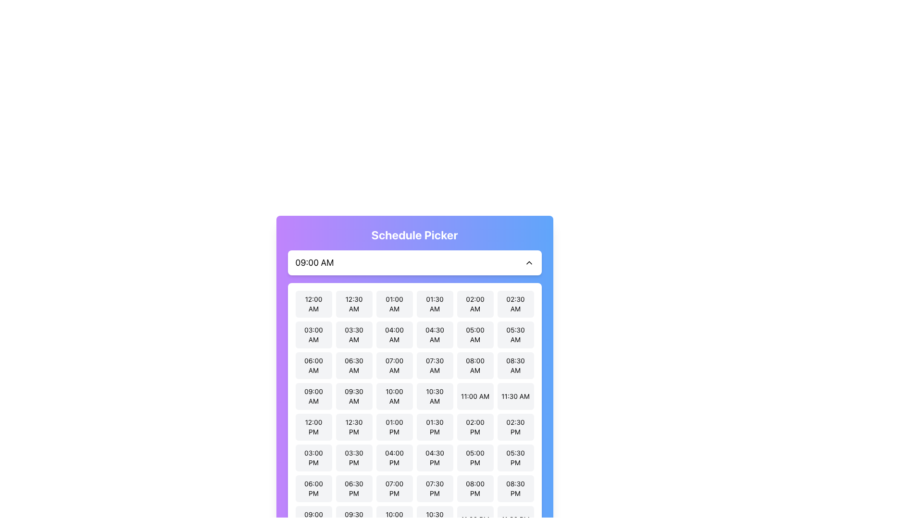 The image size is (923, 519). Describe the element at coordinates (434, 396) in the screenshot. I see `the '10:30 AM' time slot button in the scheduling system` at that location.